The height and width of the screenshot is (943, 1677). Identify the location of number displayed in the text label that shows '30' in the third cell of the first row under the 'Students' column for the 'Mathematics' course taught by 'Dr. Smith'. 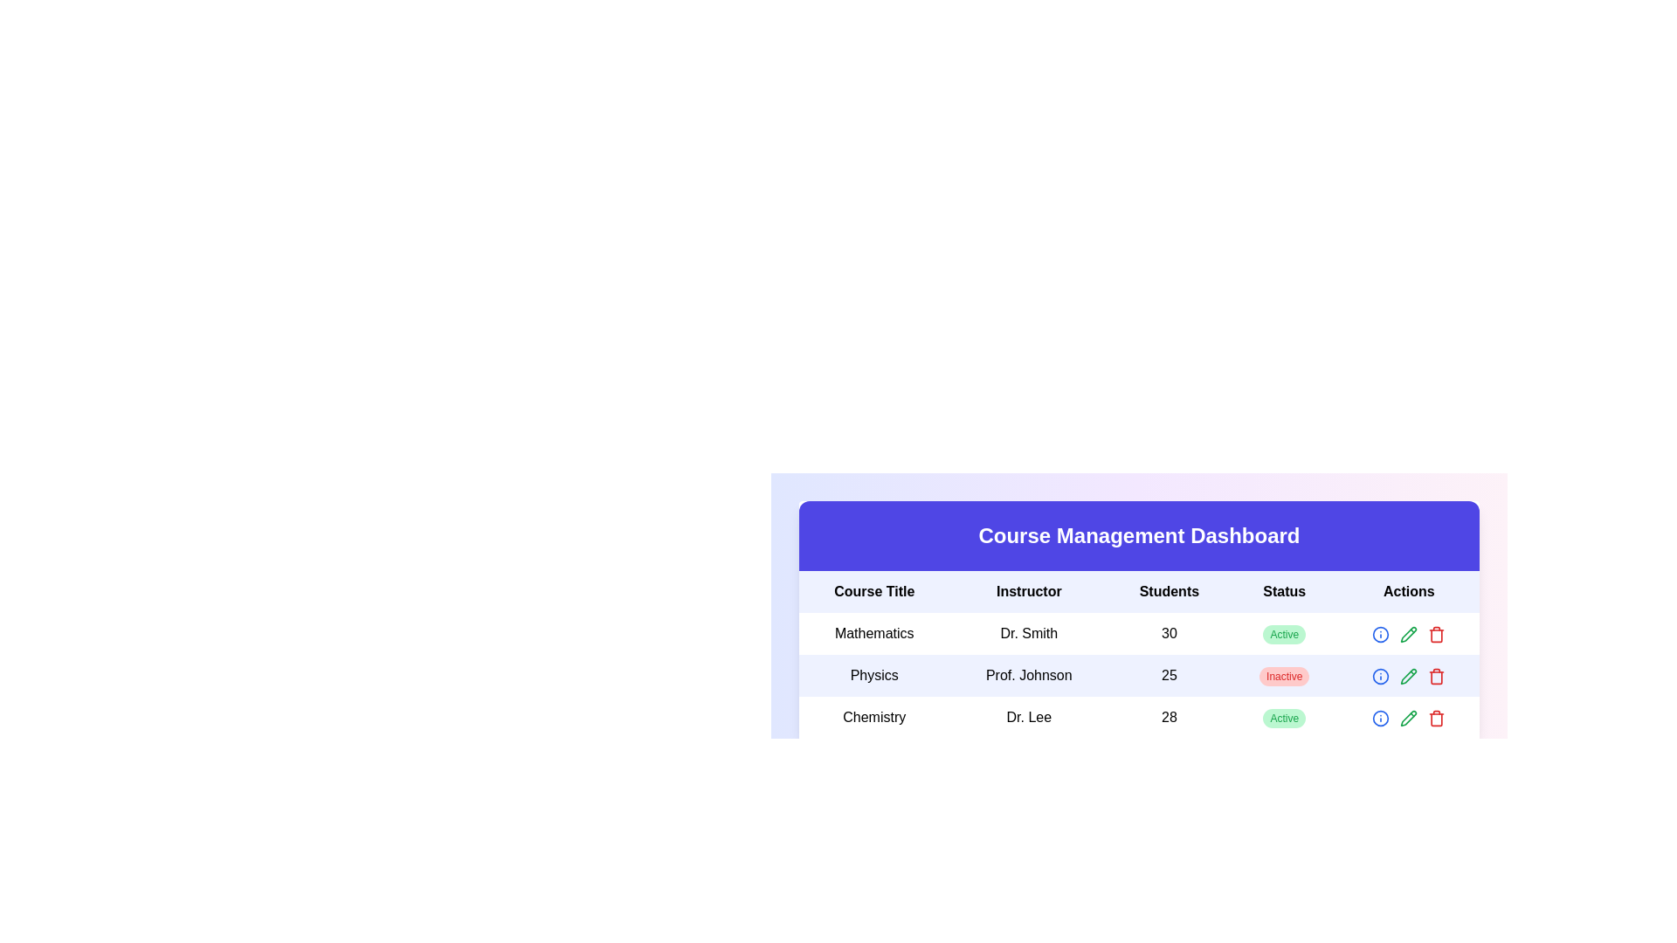
(1169, 633).